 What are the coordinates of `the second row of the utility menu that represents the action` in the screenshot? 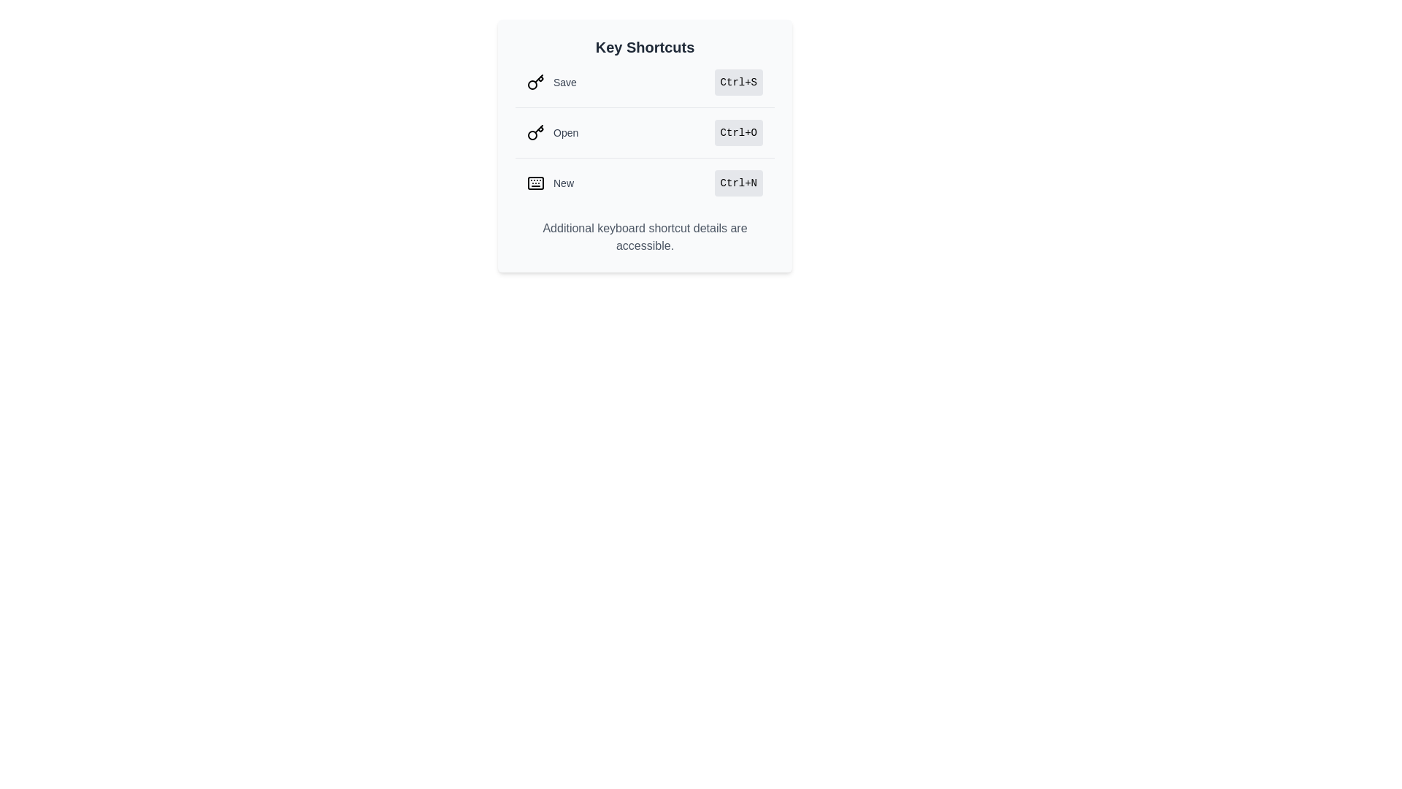 It's located at (644, 132).